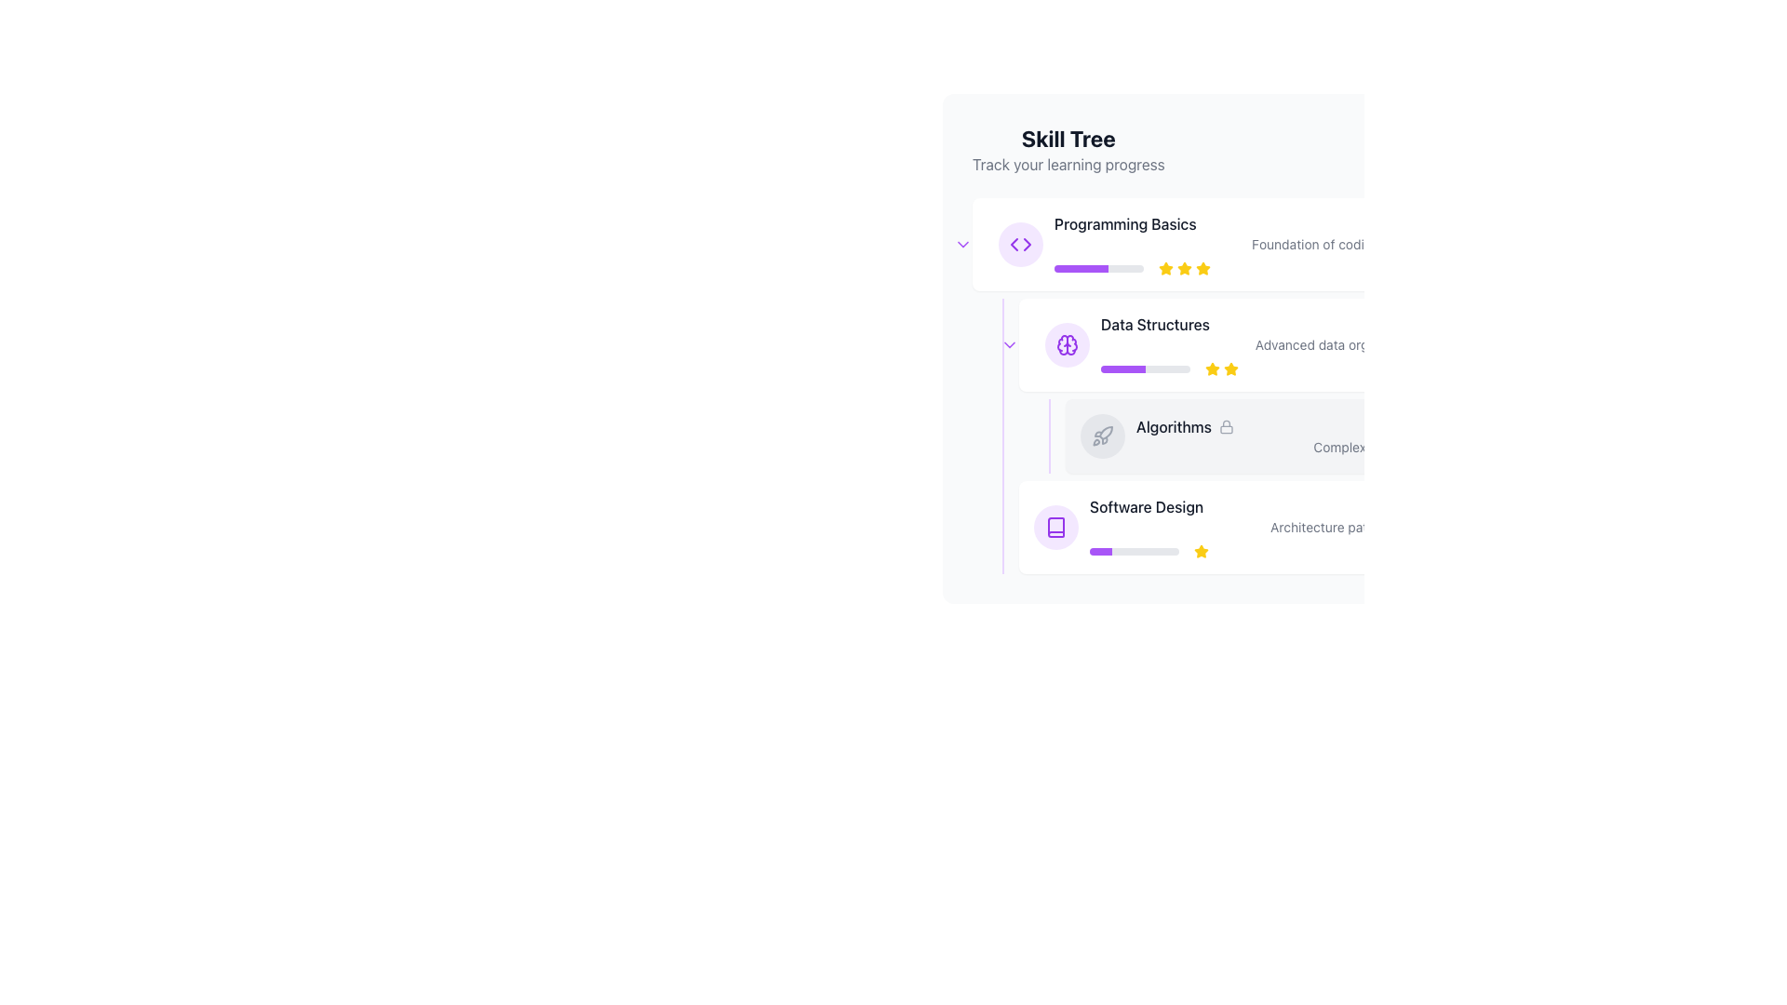 Image resolution: width=1787 pixels, height=1005 pixels. Describe the element at coordinates (1353, 436) in the screenshot. I see `the 'Algorithms' skill item, which features a rocket icon and the text 'Complex problem solving'` at that location.